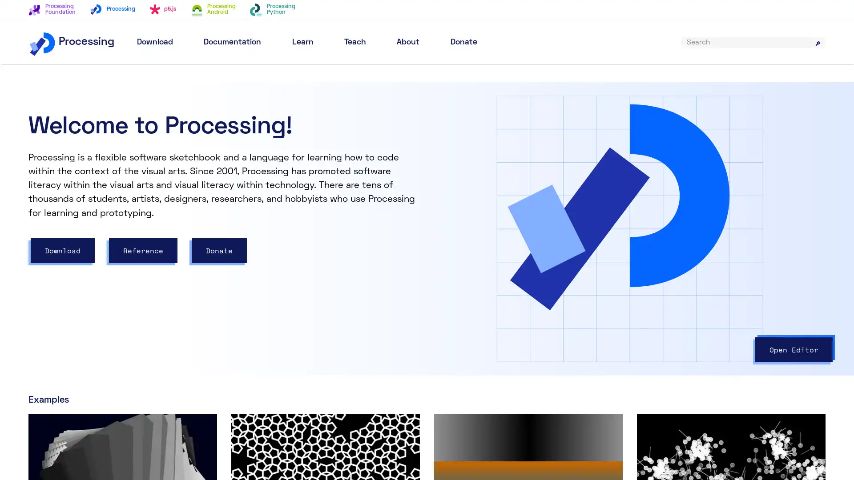 This screenshot has width=854, height=480. Describe the element at coordinates (678, 244) in the screenshot. I see `change position` at that location.